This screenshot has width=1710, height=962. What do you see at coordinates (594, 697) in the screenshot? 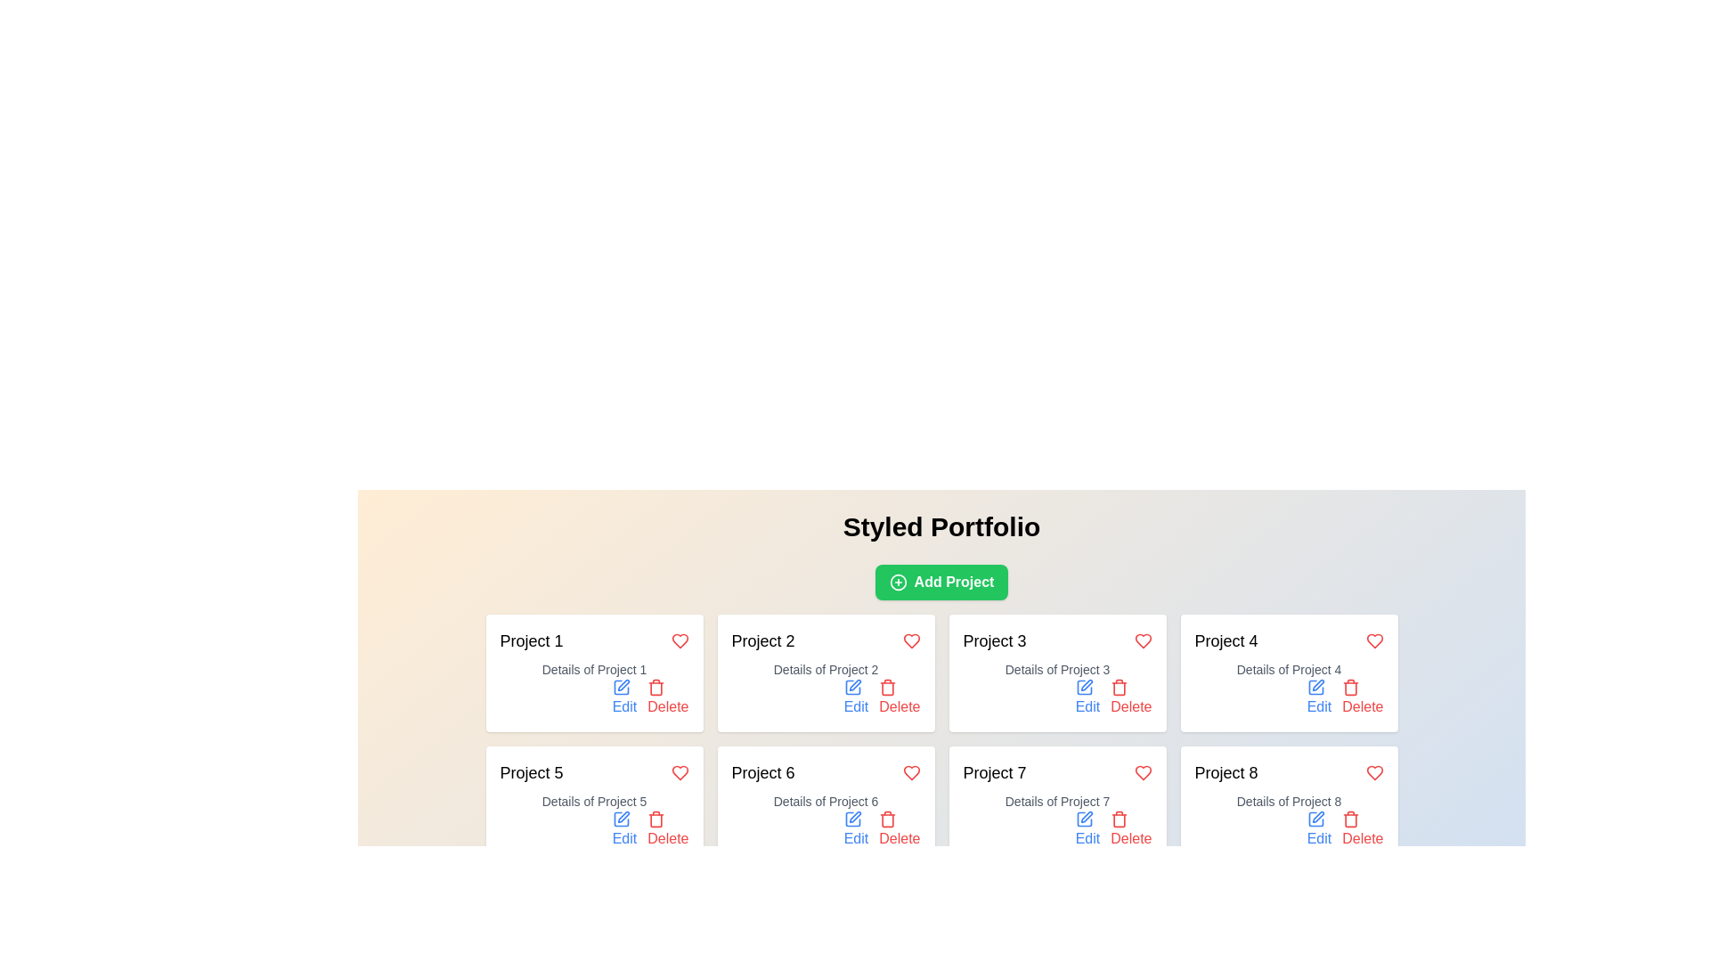
I see `the 'Edit' button in the Button group located at the bottom-right corner of the 'Project 1' box to modify the project` at bounding box center [594, 697].